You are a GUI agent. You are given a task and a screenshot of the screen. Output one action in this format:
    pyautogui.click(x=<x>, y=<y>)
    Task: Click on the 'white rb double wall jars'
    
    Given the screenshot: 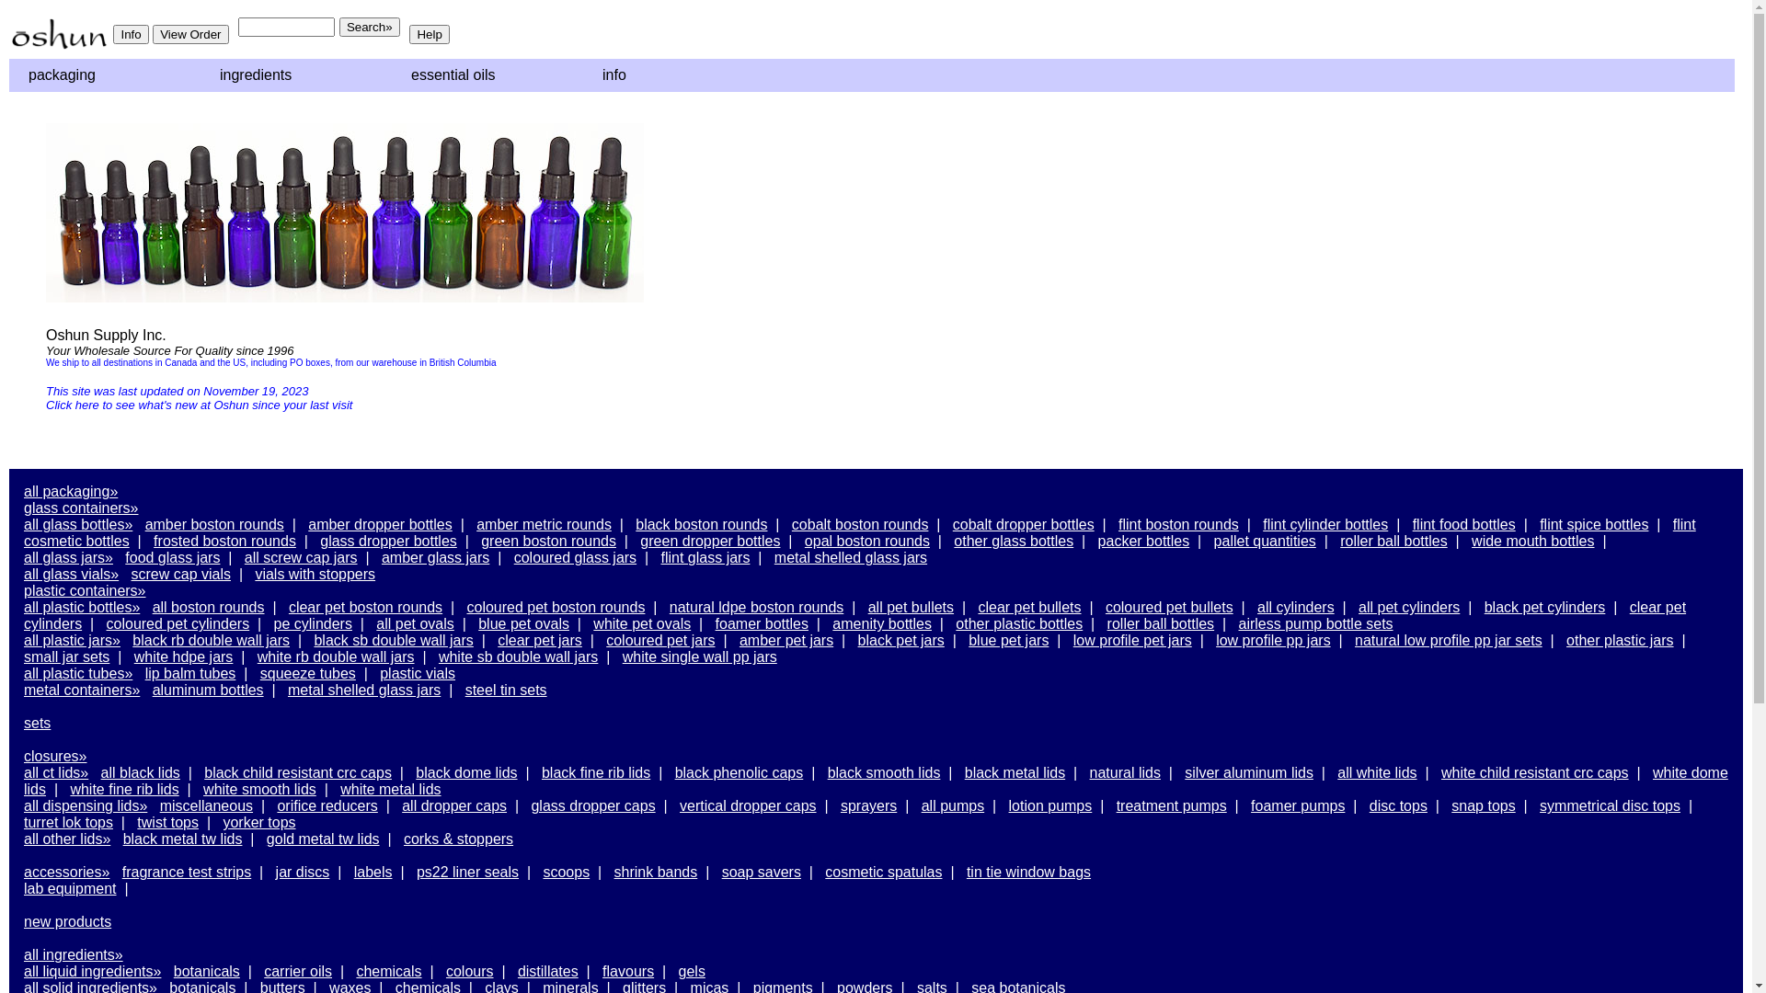 What is the action you would take?
    pyautogui.click(x=336, y=656)
    